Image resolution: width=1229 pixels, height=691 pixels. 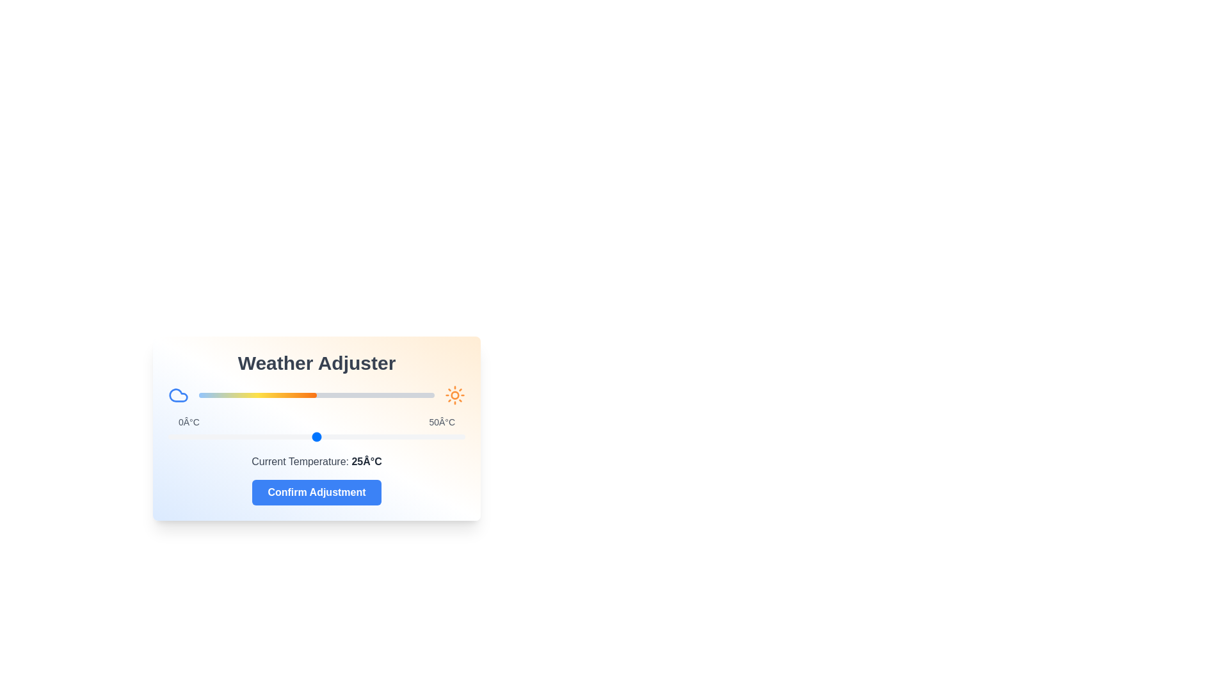 What do you see at coordinates (233, 436) in the screenshot?
I see `the temperature slider to set the temperature to 11°C` at bounding box center [233, 436].